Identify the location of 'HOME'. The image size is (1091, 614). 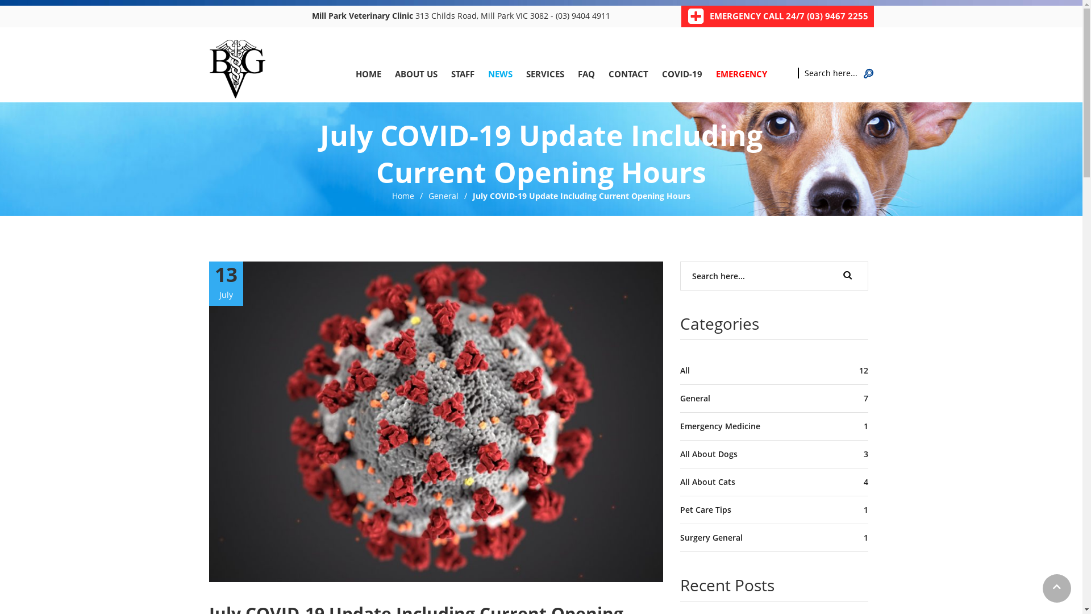
(368, 74).